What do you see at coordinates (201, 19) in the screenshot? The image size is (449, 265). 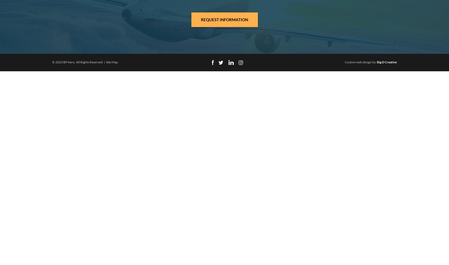 I see `'Request Information'` at bounding box center [201, 19].